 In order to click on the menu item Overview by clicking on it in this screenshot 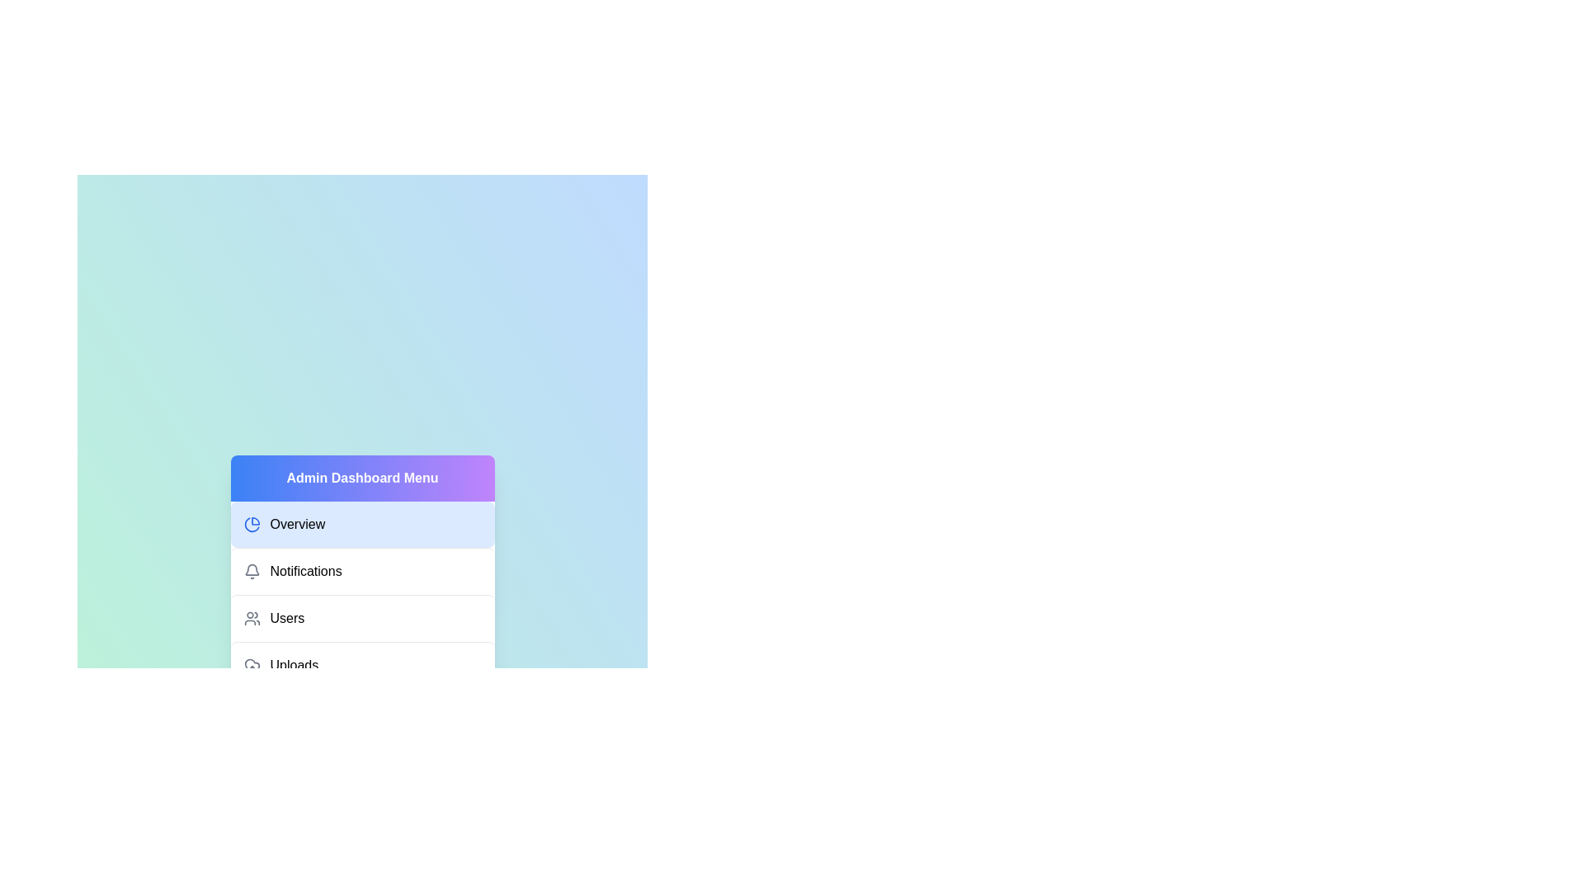, I will do `click(361, 525)`.